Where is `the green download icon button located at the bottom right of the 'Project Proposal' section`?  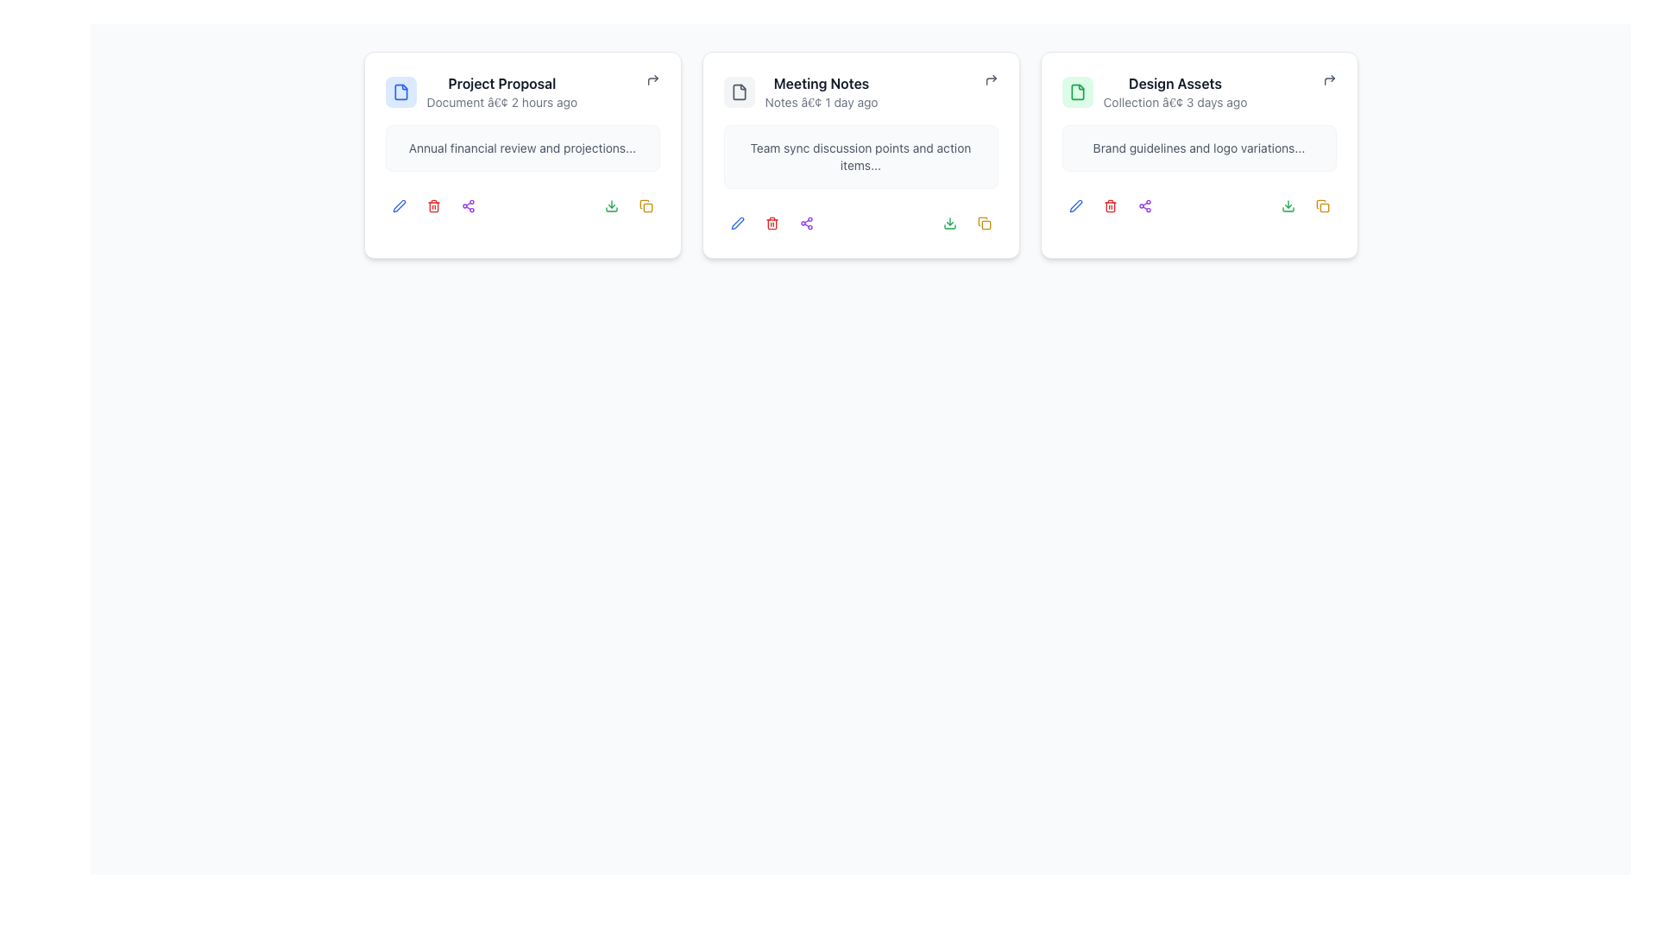
the green download icon button located at the bottom right of the 'Project Proposal' section is located at coordinates (611, 205).